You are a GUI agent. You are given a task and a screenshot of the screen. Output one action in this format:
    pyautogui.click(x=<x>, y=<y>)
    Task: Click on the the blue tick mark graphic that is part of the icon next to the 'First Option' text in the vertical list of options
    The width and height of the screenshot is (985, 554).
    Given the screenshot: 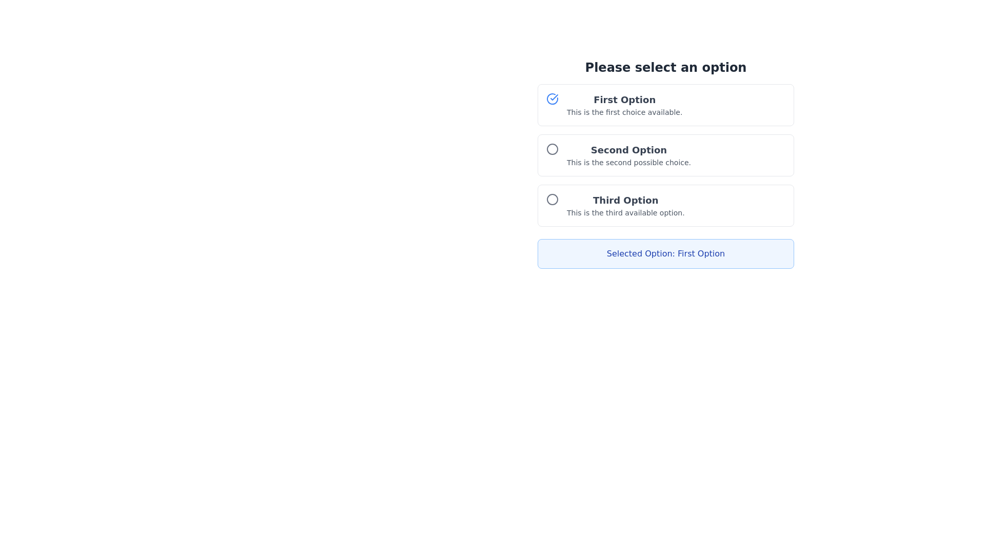 What is the action you would take?
    pyautogui.click(x=554, y=97)
    